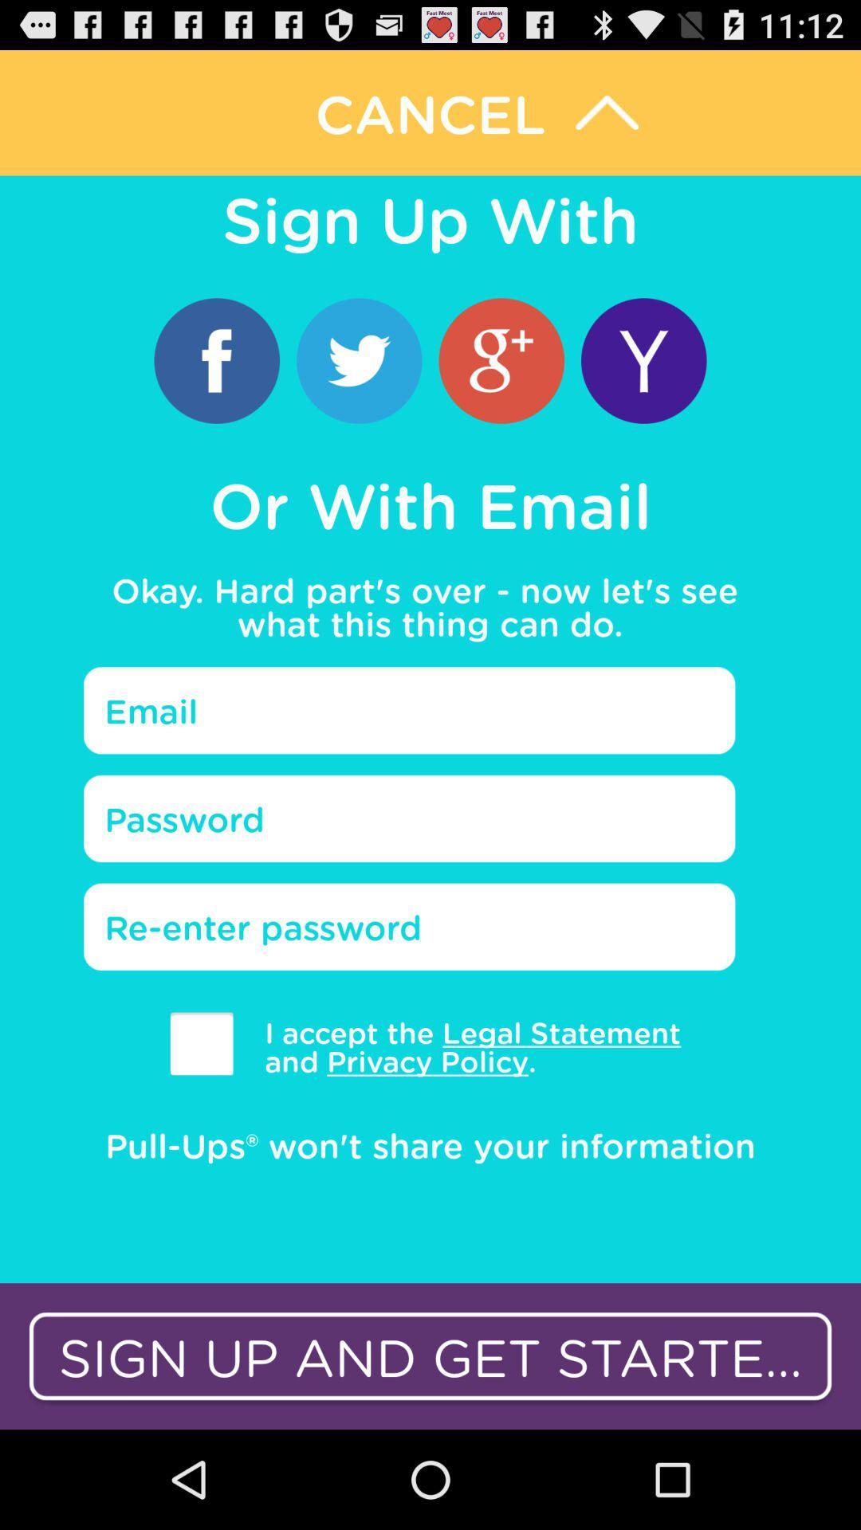 This screenshot has height=1530, width=861. I want to click on the icon at the bottom left corner, so click(201, 1043).